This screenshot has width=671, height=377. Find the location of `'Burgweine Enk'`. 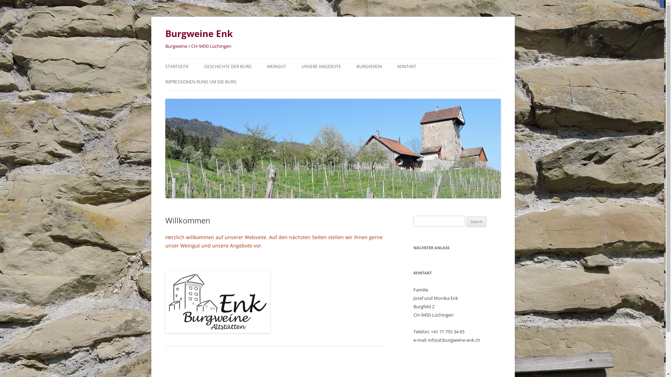

'Burgweine Enk' is located at coordinates (164, 34).